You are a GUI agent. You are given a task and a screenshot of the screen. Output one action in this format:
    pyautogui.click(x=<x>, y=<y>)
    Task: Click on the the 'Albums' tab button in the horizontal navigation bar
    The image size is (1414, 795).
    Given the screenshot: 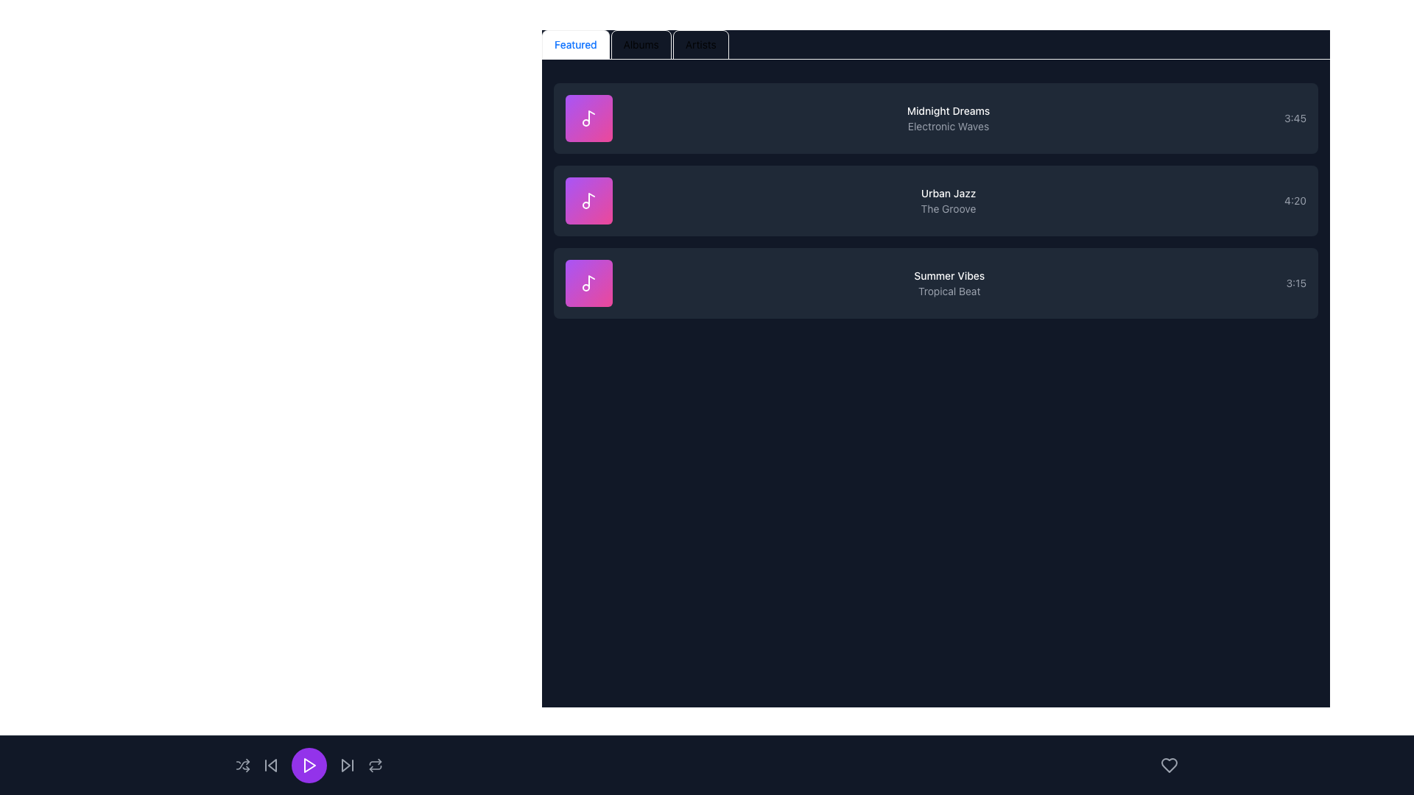 What is the action you would take?
    pyautogui.click(x=635, y=44)
    